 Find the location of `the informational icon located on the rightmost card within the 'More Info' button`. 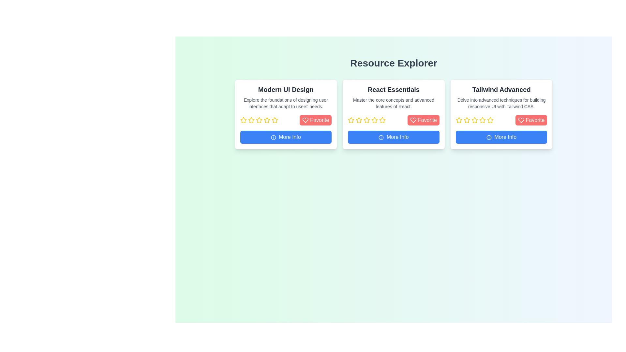

the informational icon located on the rightmost card within the 'More Info' button is located at coordinates (489, 137).